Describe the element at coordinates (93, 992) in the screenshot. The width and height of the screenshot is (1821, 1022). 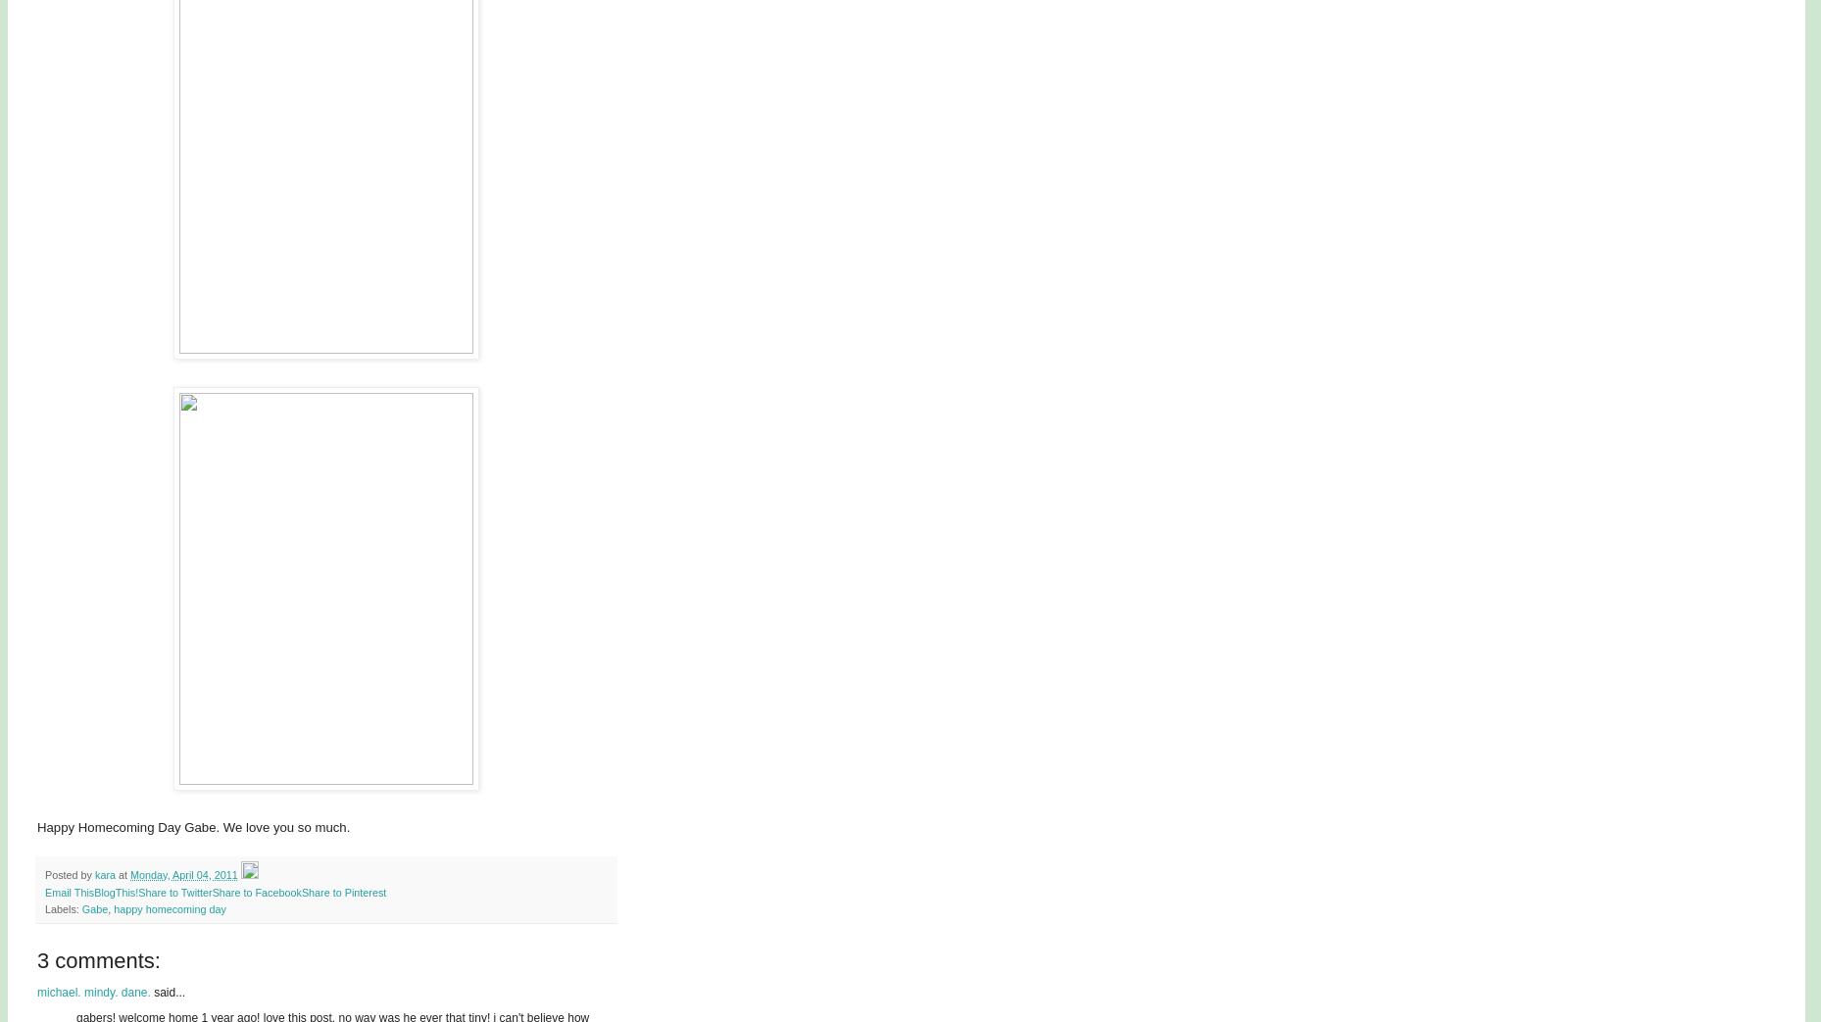
I see `'michael. mindy. dane.'` at that location.